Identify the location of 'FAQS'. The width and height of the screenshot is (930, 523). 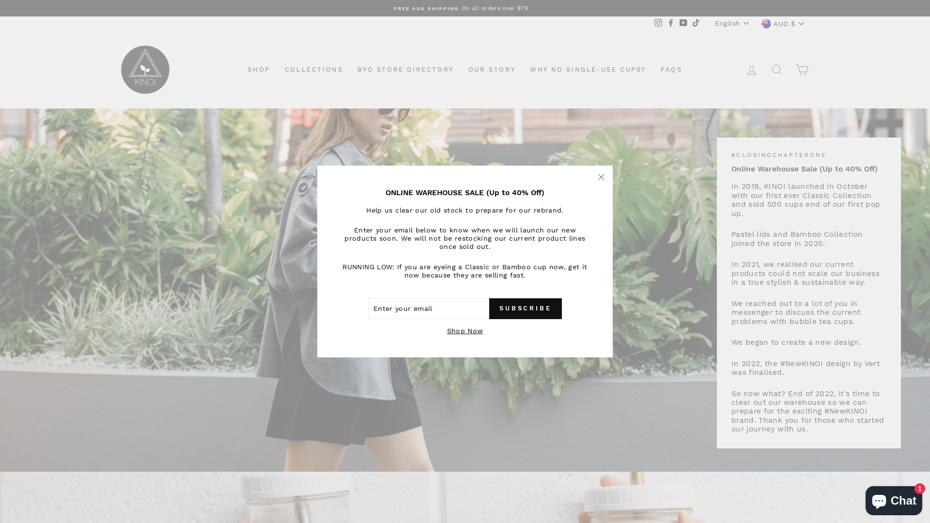
(671, 69).